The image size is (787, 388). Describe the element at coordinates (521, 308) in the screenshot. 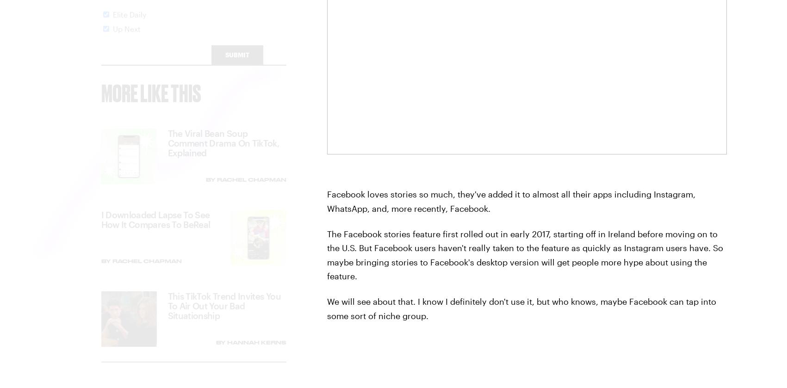

I see `'We will see about that. I know I definitely don't use it, but who knows, maybe Facebook can tap into some sort of niche group.'` at that location.